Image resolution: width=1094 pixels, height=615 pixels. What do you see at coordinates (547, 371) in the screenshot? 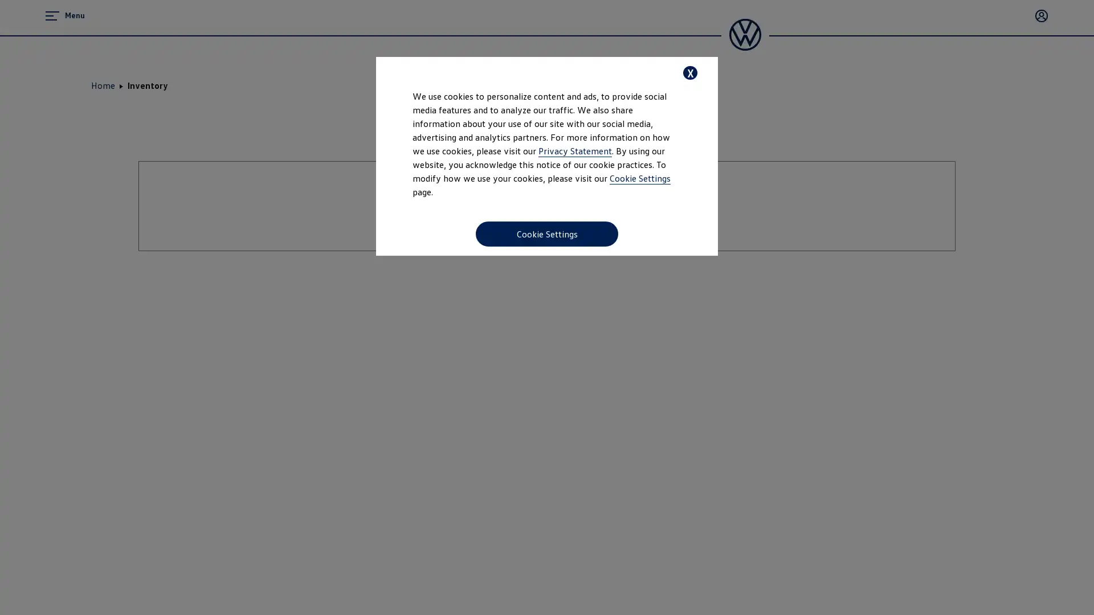
I see `Go` at bounding box center [547, 371].